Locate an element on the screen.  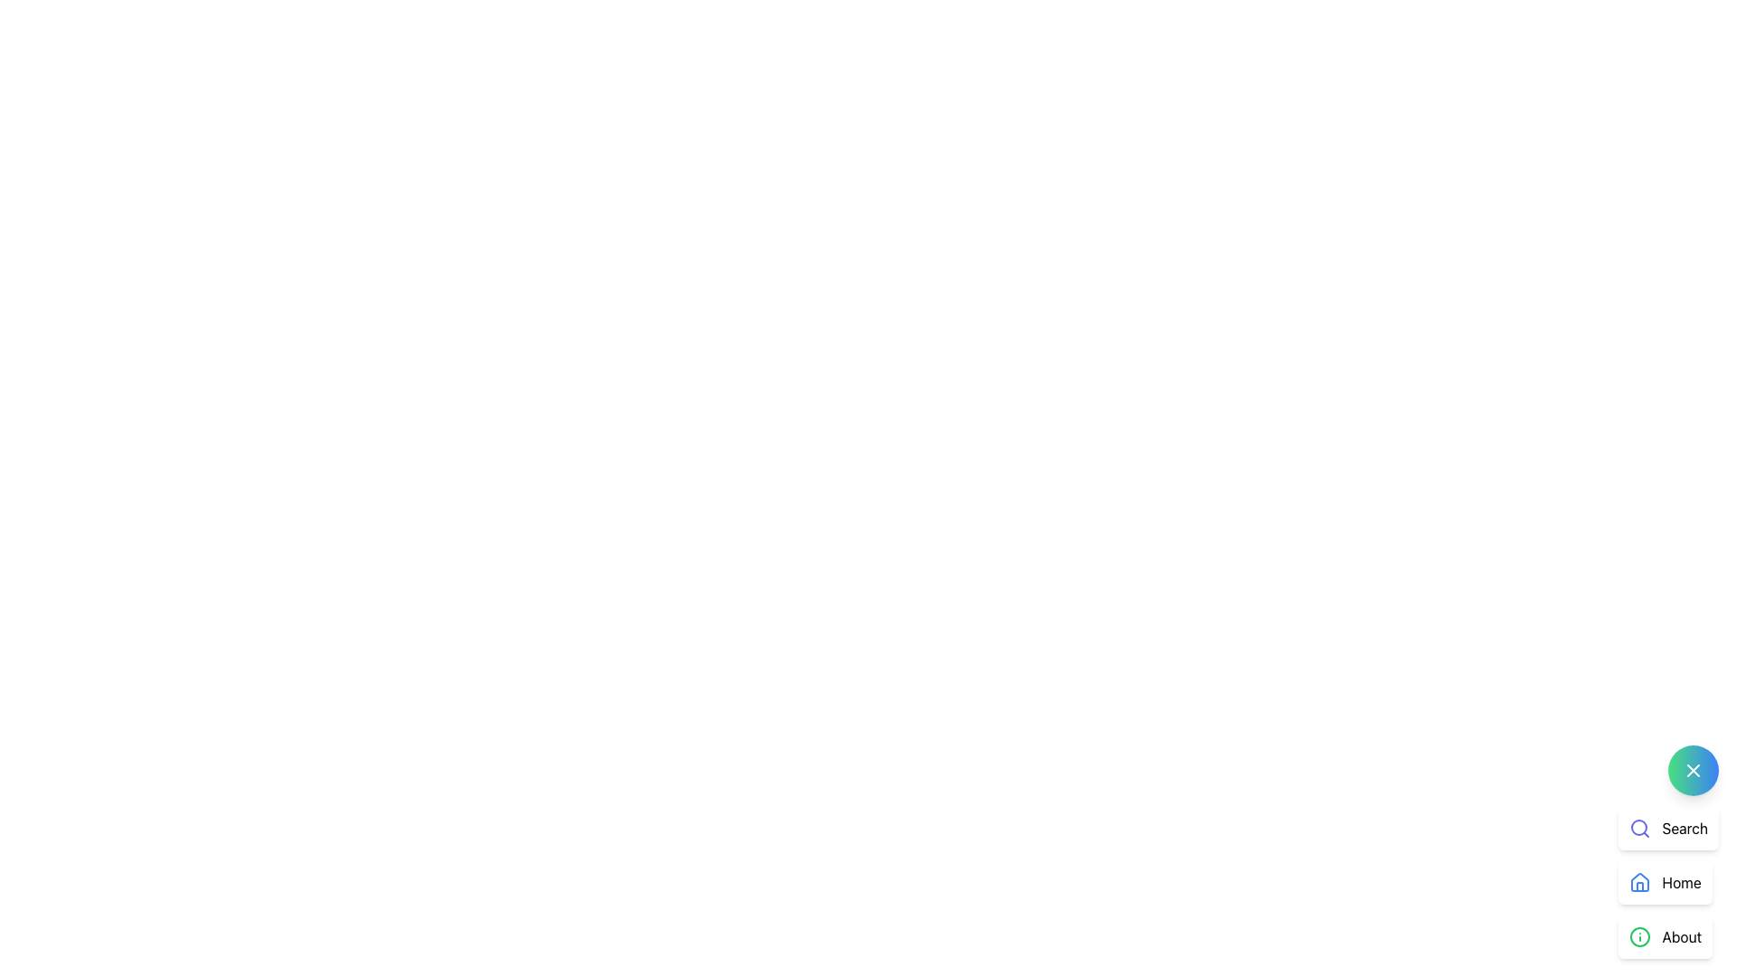
the search icon located at the leftmost side of the 'Search' button, which is the topmost button in a vertical stack of three buttons is located at coordinates (1640, 828).